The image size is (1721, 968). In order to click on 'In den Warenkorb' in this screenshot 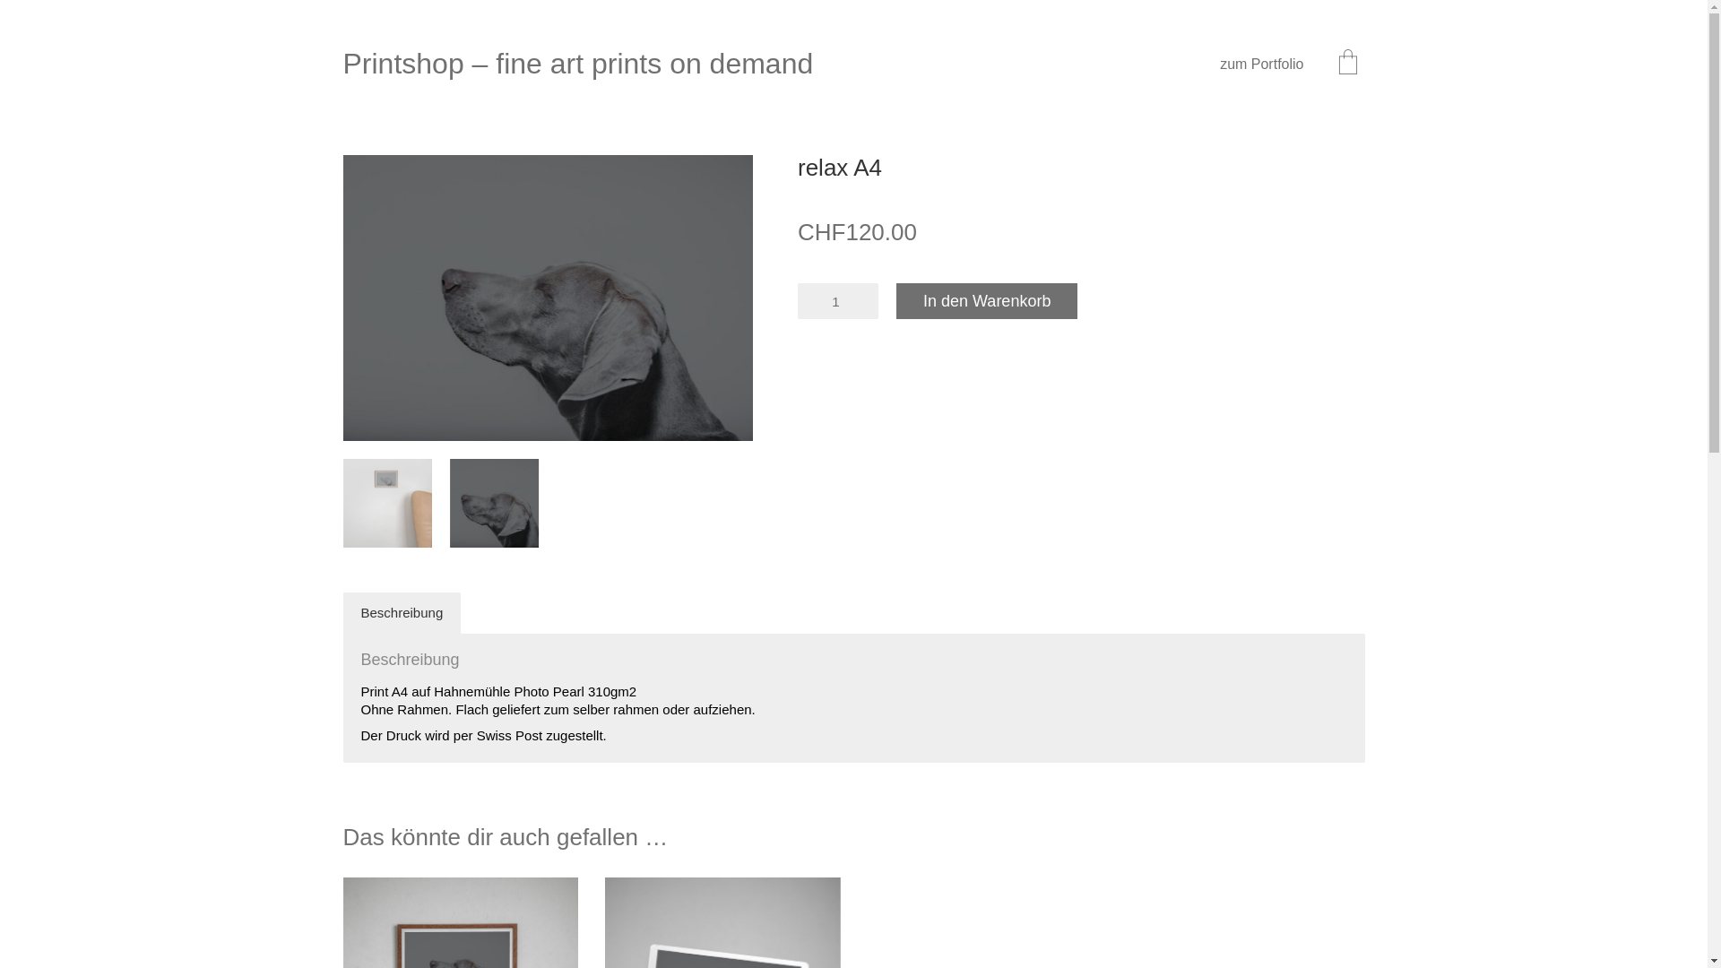, I will do `click(985, 299)`.